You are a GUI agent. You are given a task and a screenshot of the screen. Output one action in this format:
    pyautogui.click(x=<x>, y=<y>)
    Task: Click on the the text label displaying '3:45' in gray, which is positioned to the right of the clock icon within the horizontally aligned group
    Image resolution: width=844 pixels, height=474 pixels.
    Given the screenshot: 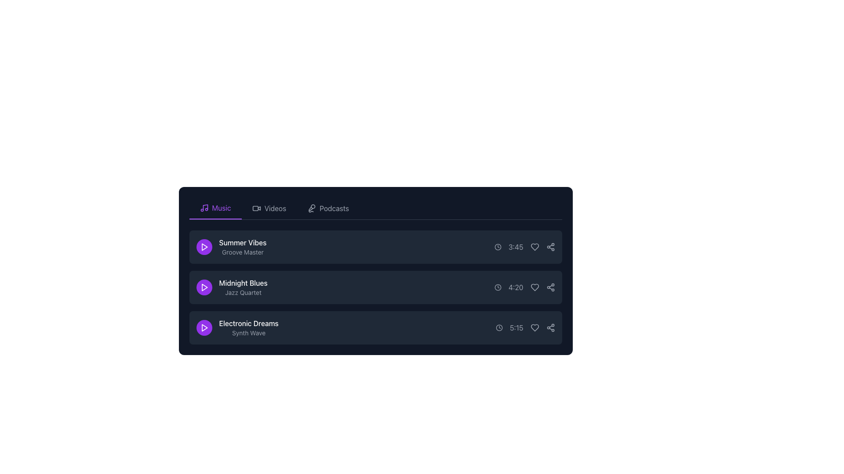 What is the action you would take?
    pyautogui.click(x=516, y=247)
    